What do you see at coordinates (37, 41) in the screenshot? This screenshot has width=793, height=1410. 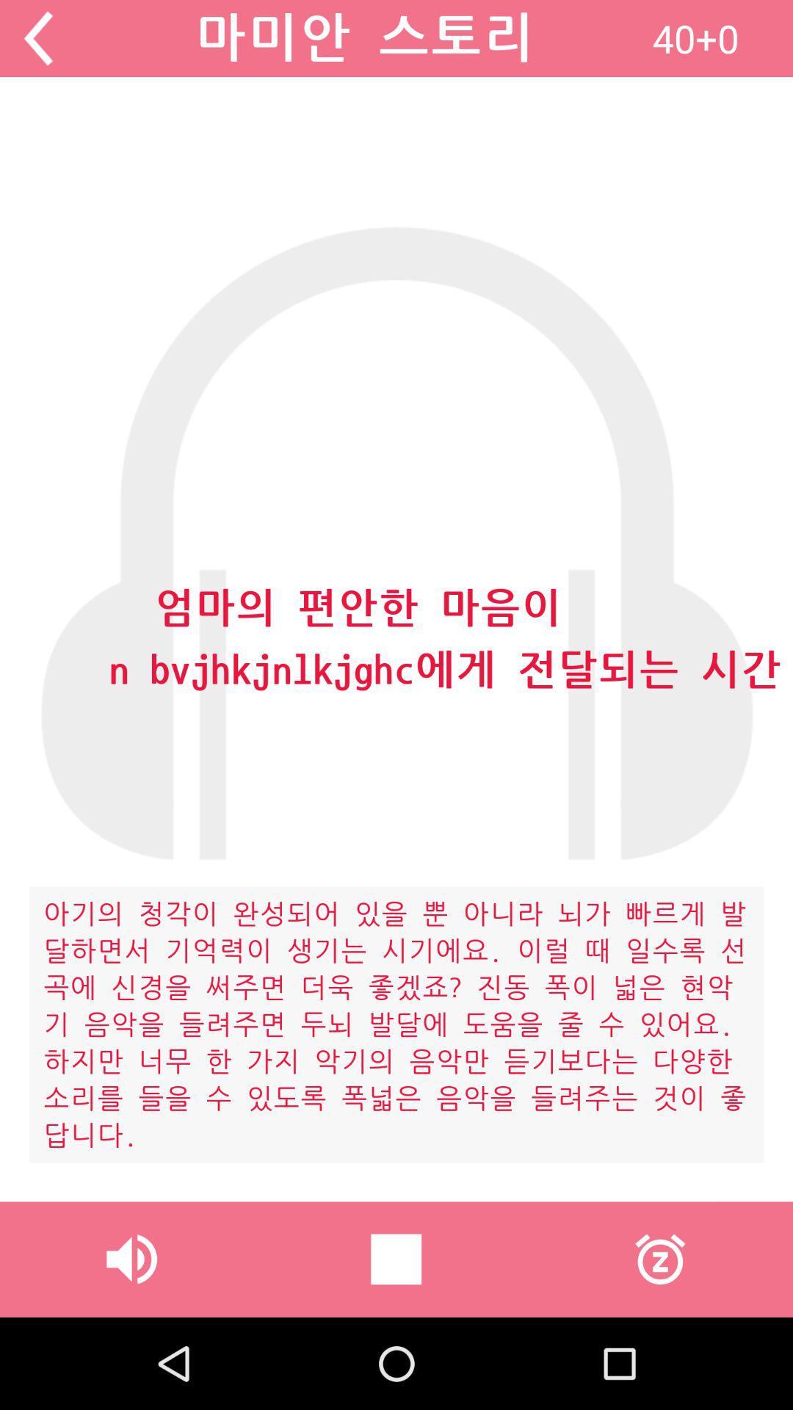 I see `the arrow_backward icon` at bounding box center [37, 41].